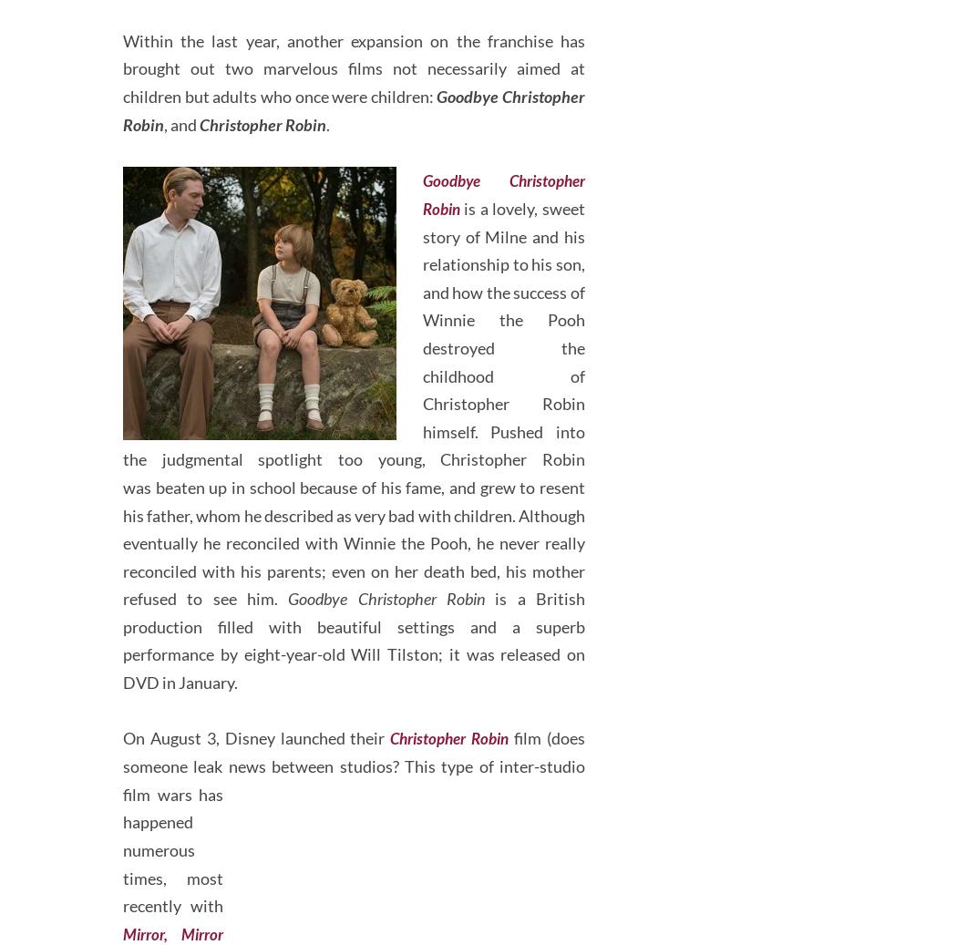 The image size is (957, 945). What do you see at coordinates (354, 708) in the screenshot?
I see `'is a British production filled with beautiful settings and a superb performance by eight-year-old Will Tilston; it was released on DVD in January.'` at bounding box center [354, 708].